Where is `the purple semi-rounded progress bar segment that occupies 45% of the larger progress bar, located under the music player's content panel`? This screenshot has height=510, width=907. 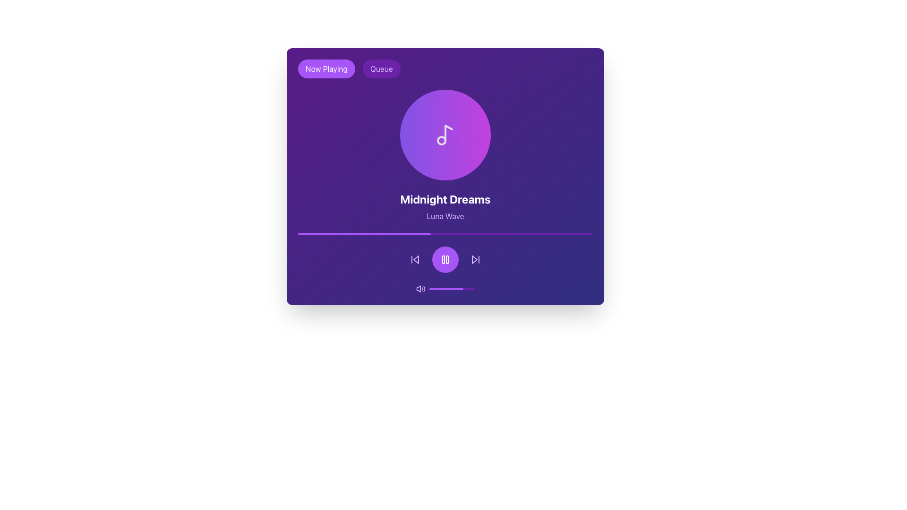 the purple semi-rounded progress bar segment that occupies 45% of the larger progress bar, located under the music player's content panel is located at coordinates (364, 234).